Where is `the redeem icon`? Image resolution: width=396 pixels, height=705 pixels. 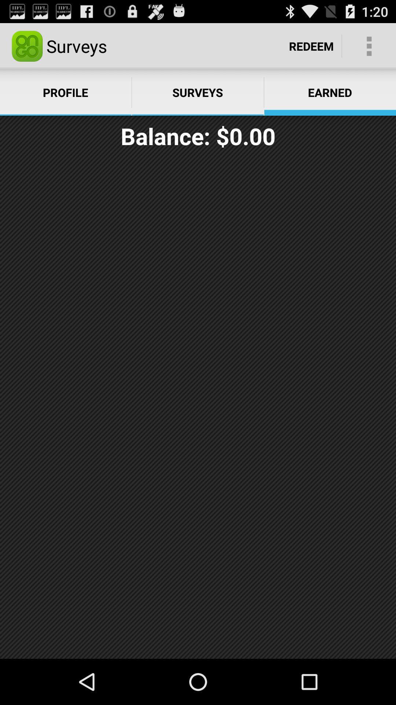
the redeem icon is located at coordinates (311, 46).